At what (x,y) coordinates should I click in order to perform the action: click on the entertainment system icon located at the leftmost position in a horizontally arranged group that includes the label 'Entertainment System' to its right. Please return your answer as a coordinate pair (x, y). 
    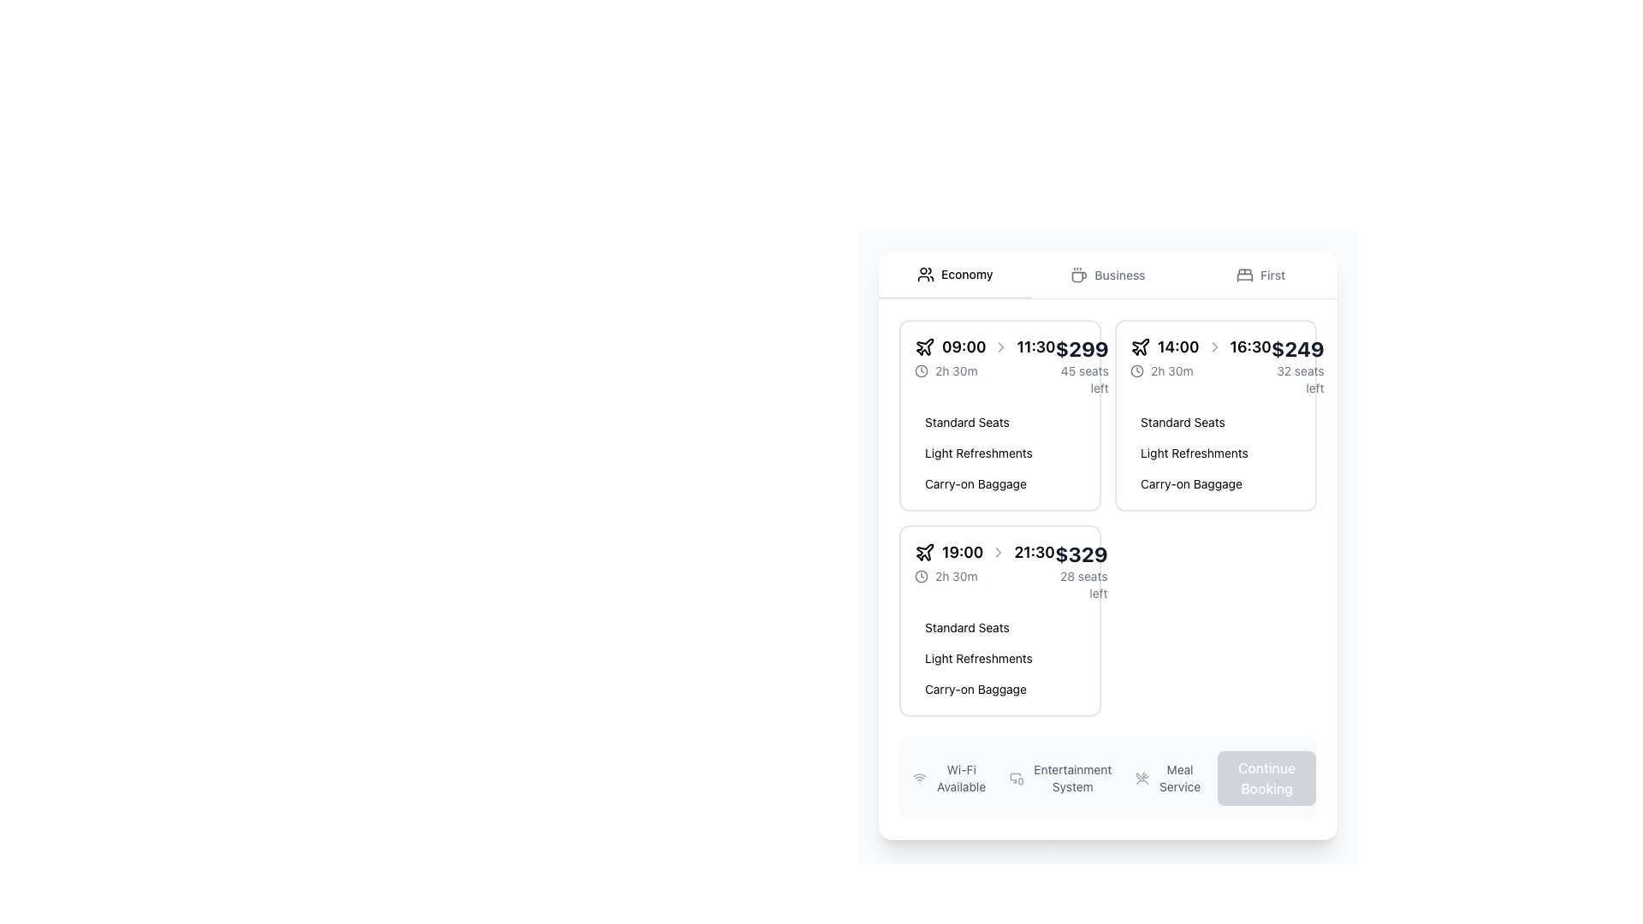
    Looking at the image, I should click on (1017, 779).